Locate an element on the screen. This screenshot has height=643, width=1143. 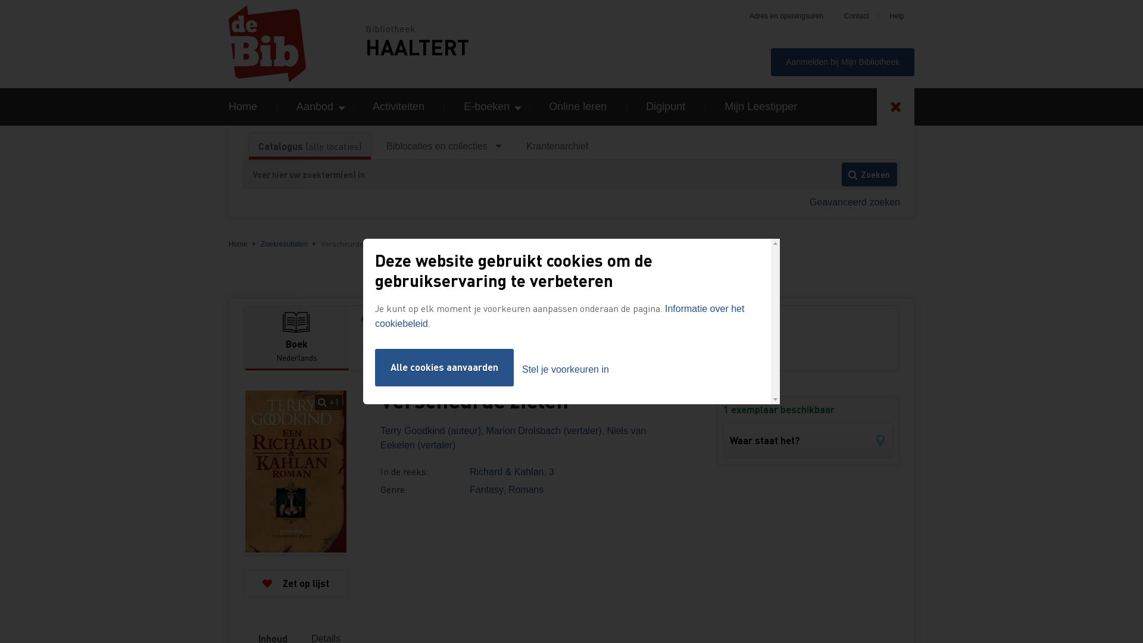
'Marion Drolsbach (vertaler),' is located at coordinates (546, 430).